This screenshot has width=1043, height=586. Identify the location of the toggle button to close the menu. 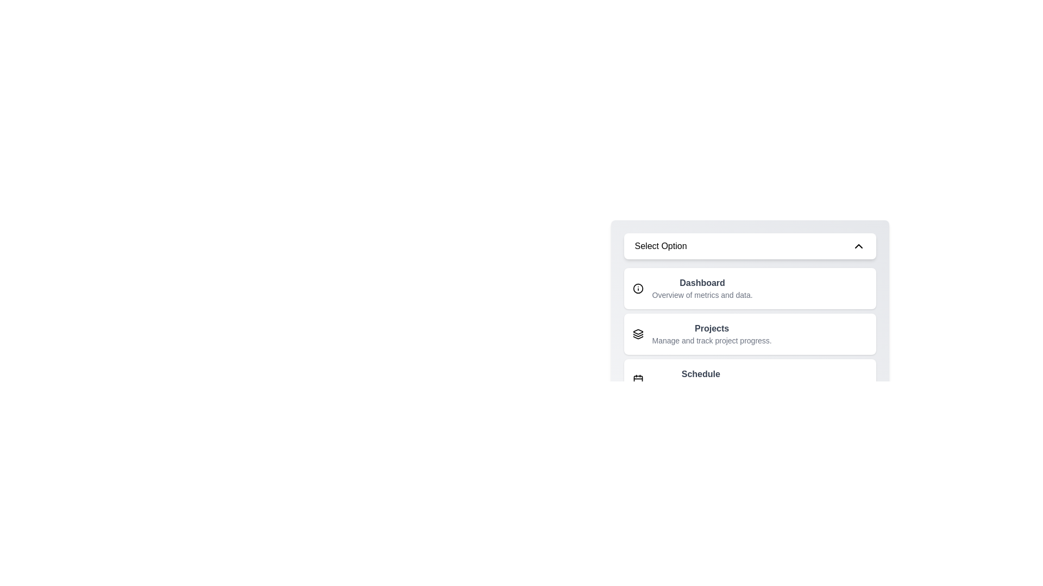
(749, 246).